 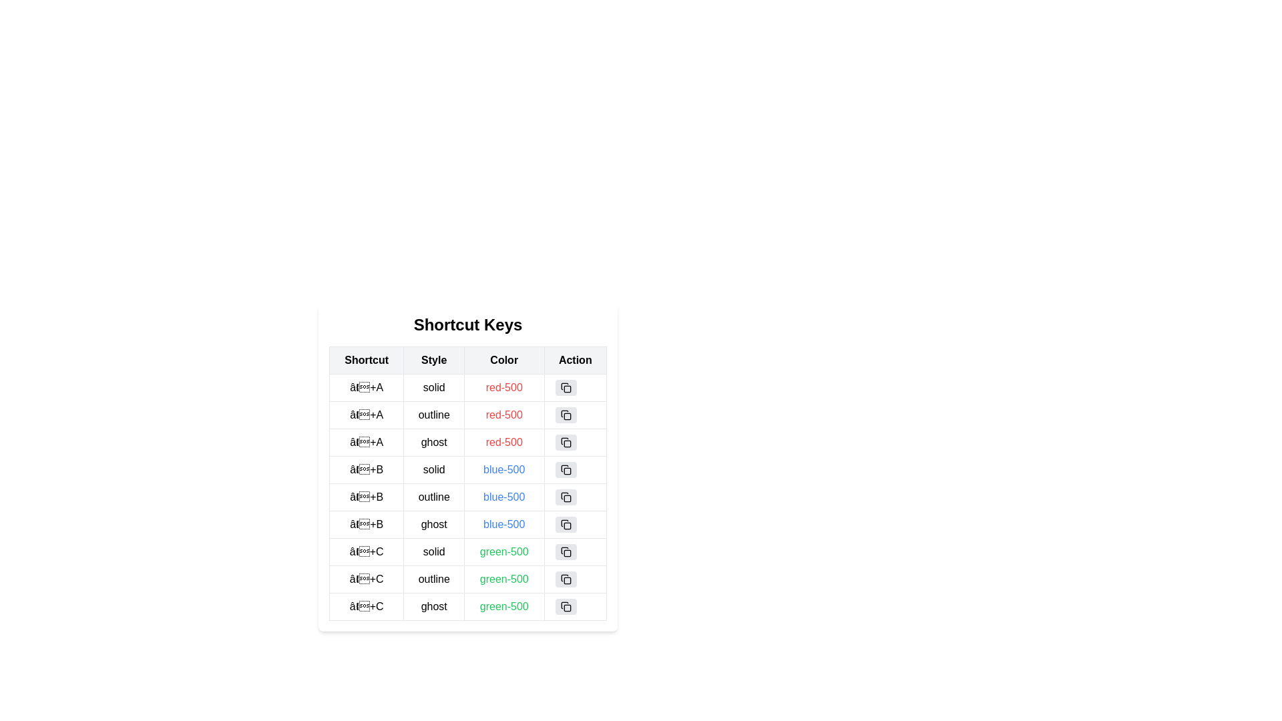 What do you see at coordinates (575, 497) in the screenshot?
I see `the copy button in the 'Shortcut Keys' table located in the 'Action' column of the row with style 'outline' and color 'blue-500'` at bounding box center [575, 497].